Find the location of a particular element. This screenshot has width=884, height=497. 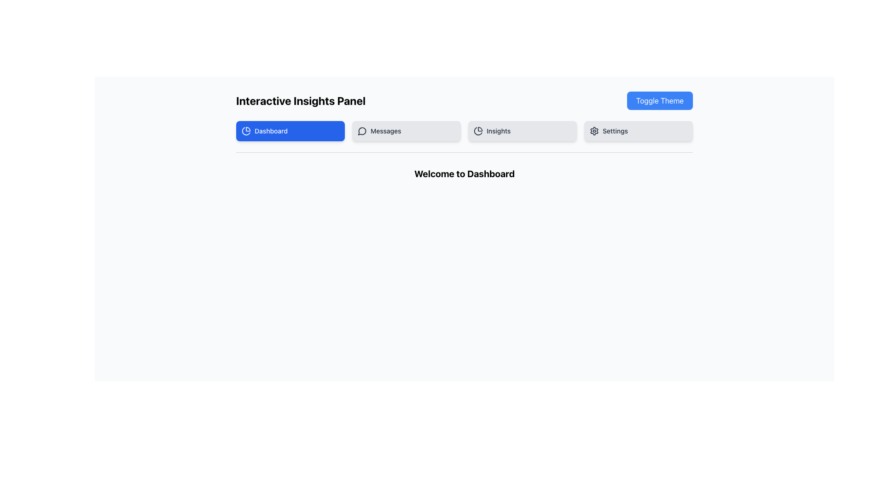

the text label displaying 'Welcome to Dashboard', which is styled in bold and located below the horizontal navigation menu is located at coordinates (464, 174).